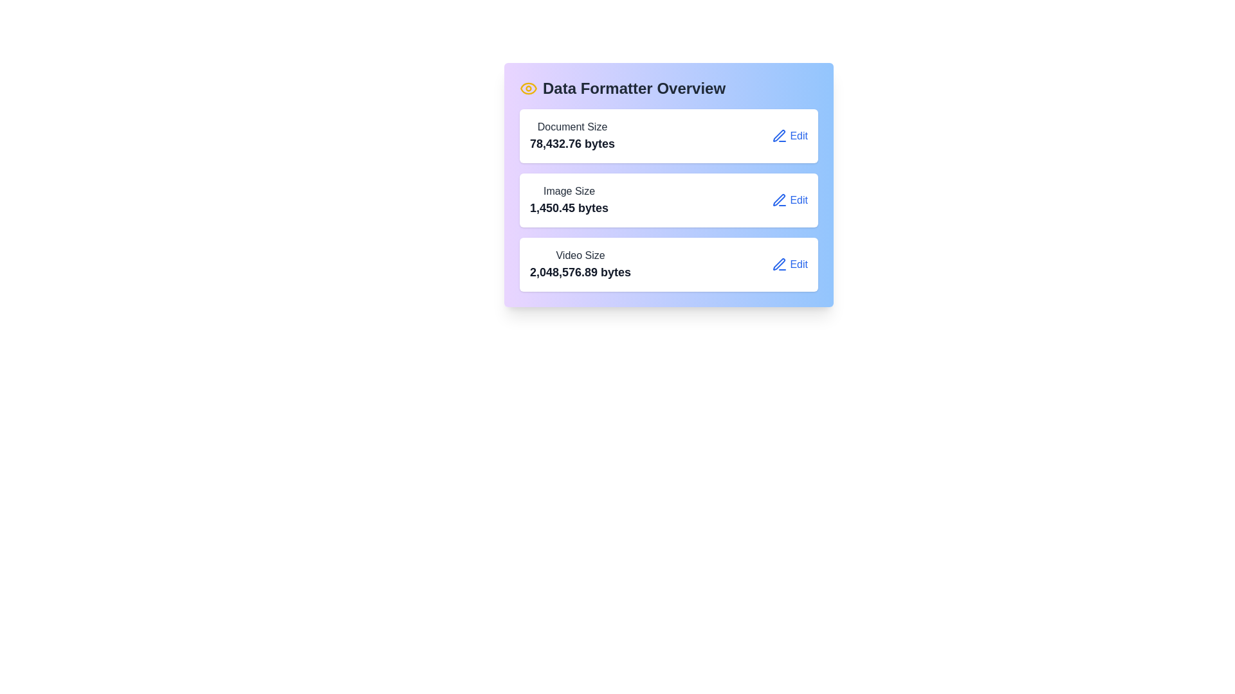  I want to click on the topmost informational card displaying document size in bytes, so click(669, 136).